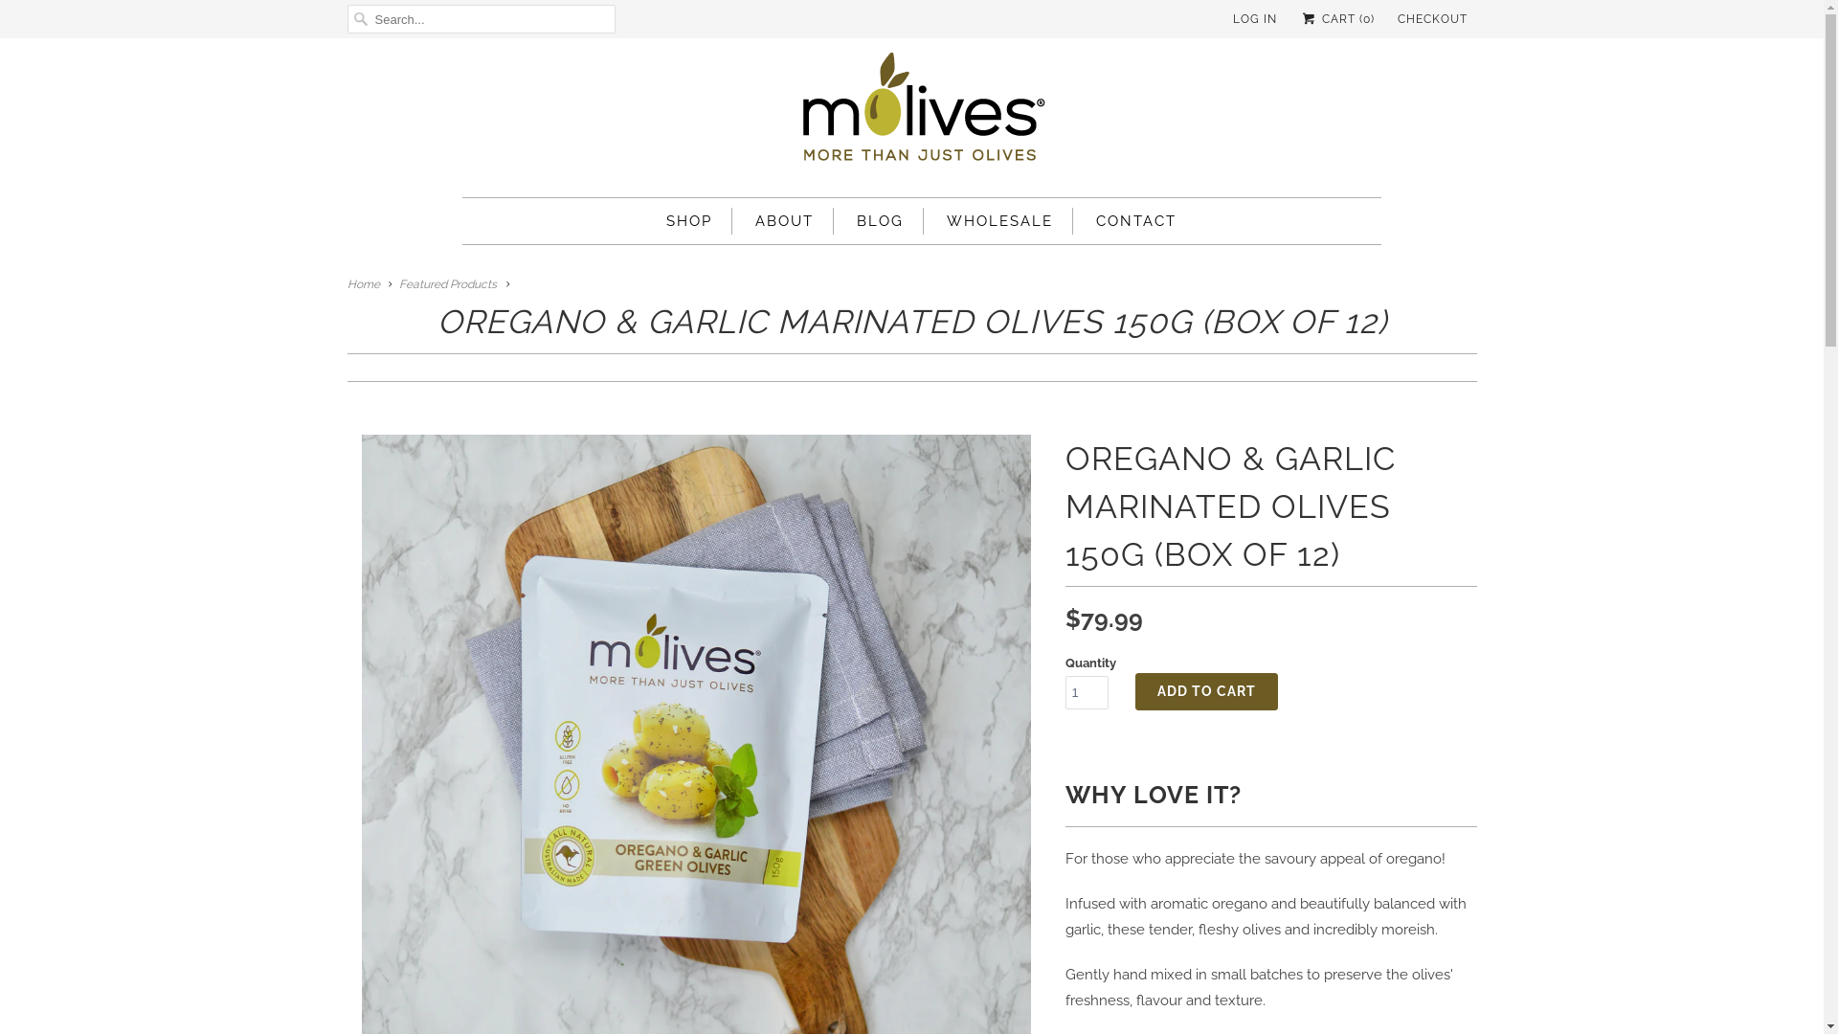 The image size is (1838, 1034). Describe the element at coordinates (998, 220) in the screenshot. I see `'WHOLESALE'` at that location.